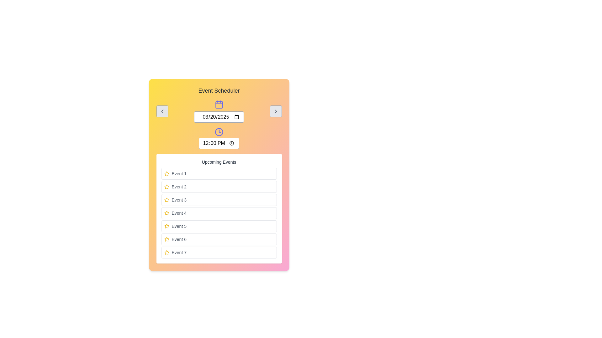  Describe the element at coordinates (276, 111) in the screenshot. I see `the small arrow-like graphic symbol pointing to the right, which is part of an SVG element and located in the top-right corner of the interface` at that location.